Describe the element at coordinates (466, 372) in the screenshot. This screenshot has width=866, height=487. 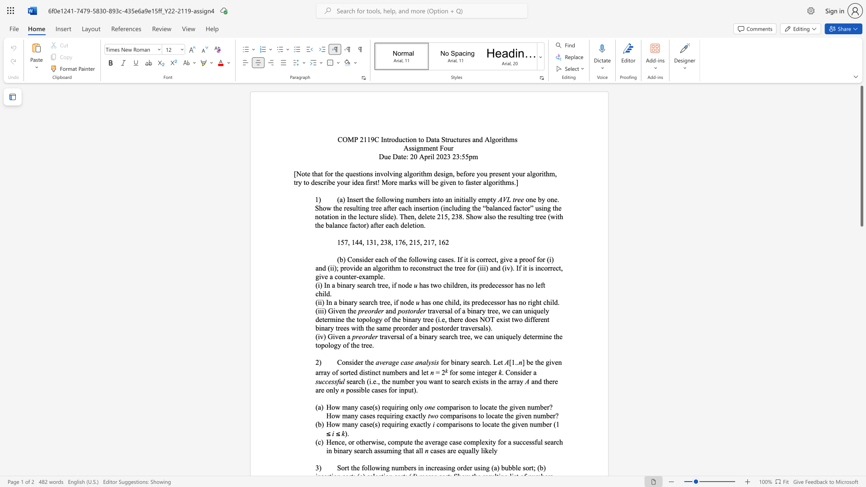
I see `the subset text "me" within the text "for some integer"` at that location.